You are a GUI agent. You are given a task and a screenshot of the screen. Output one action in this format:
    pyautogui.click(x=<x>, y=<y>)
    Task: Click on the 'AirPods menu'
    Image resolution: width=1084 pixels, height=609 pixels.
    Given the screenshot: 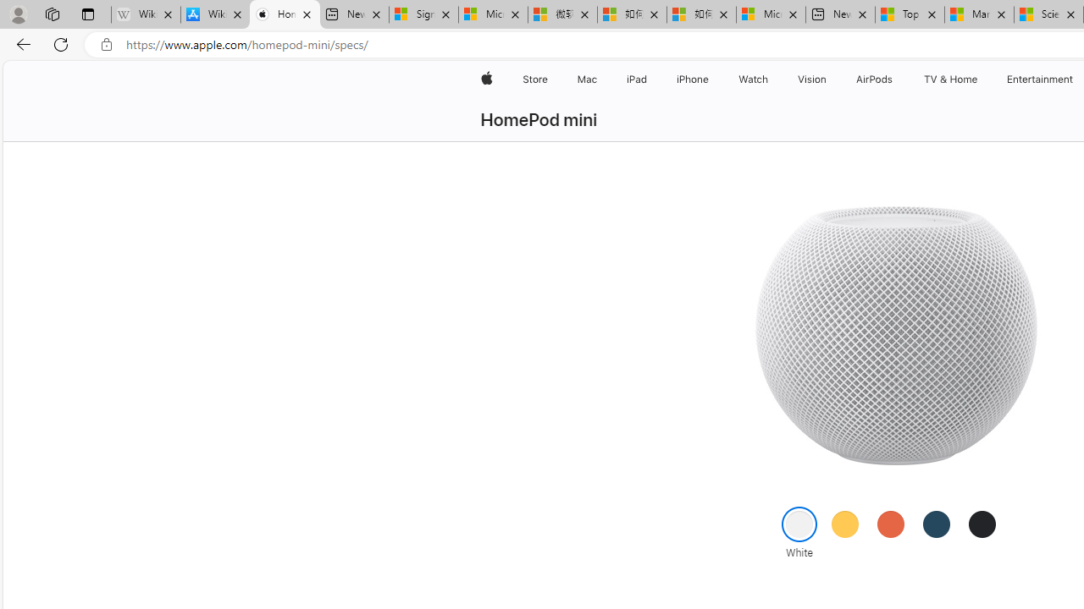 What is the action you would take?
    pyautogui.click(x=895, y=79)
    